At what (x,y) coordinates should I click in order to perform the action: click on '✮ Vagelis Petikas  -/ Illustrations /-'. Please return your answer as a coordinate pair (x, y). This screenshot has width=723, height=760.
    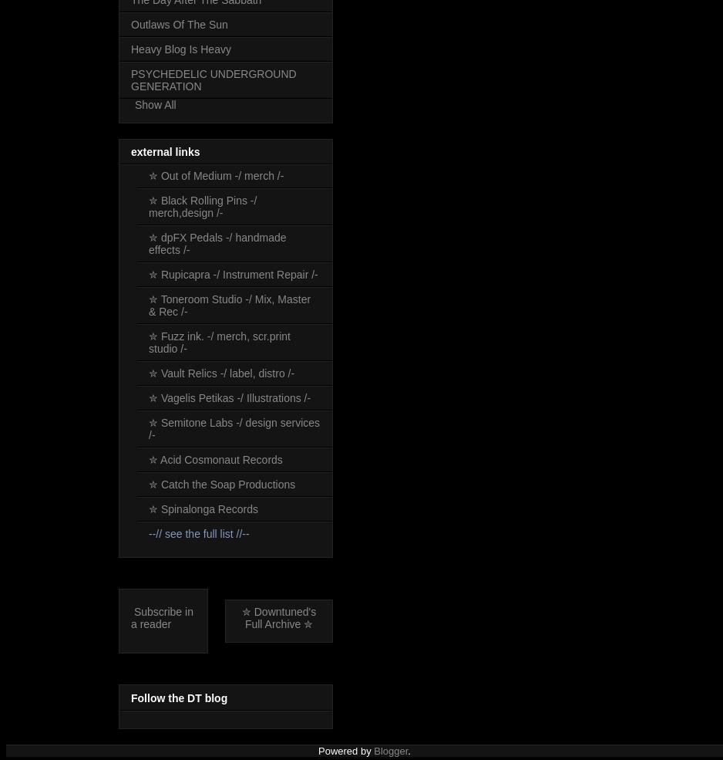
    Looking at the image, I should click on (148, 398).